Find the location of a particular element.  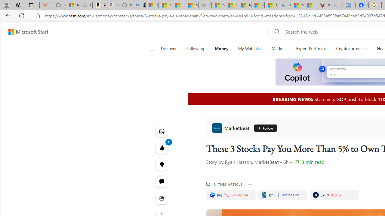

'Open navigation menu' is located at coordinates (152, 49).